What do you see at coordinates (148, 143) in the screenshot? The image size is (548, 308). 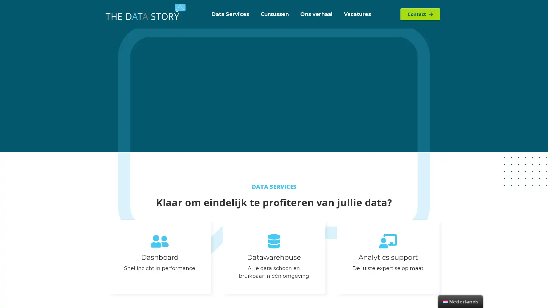 I see `Niet tobben, gelijk bellen` at bounding box center [148, 143].